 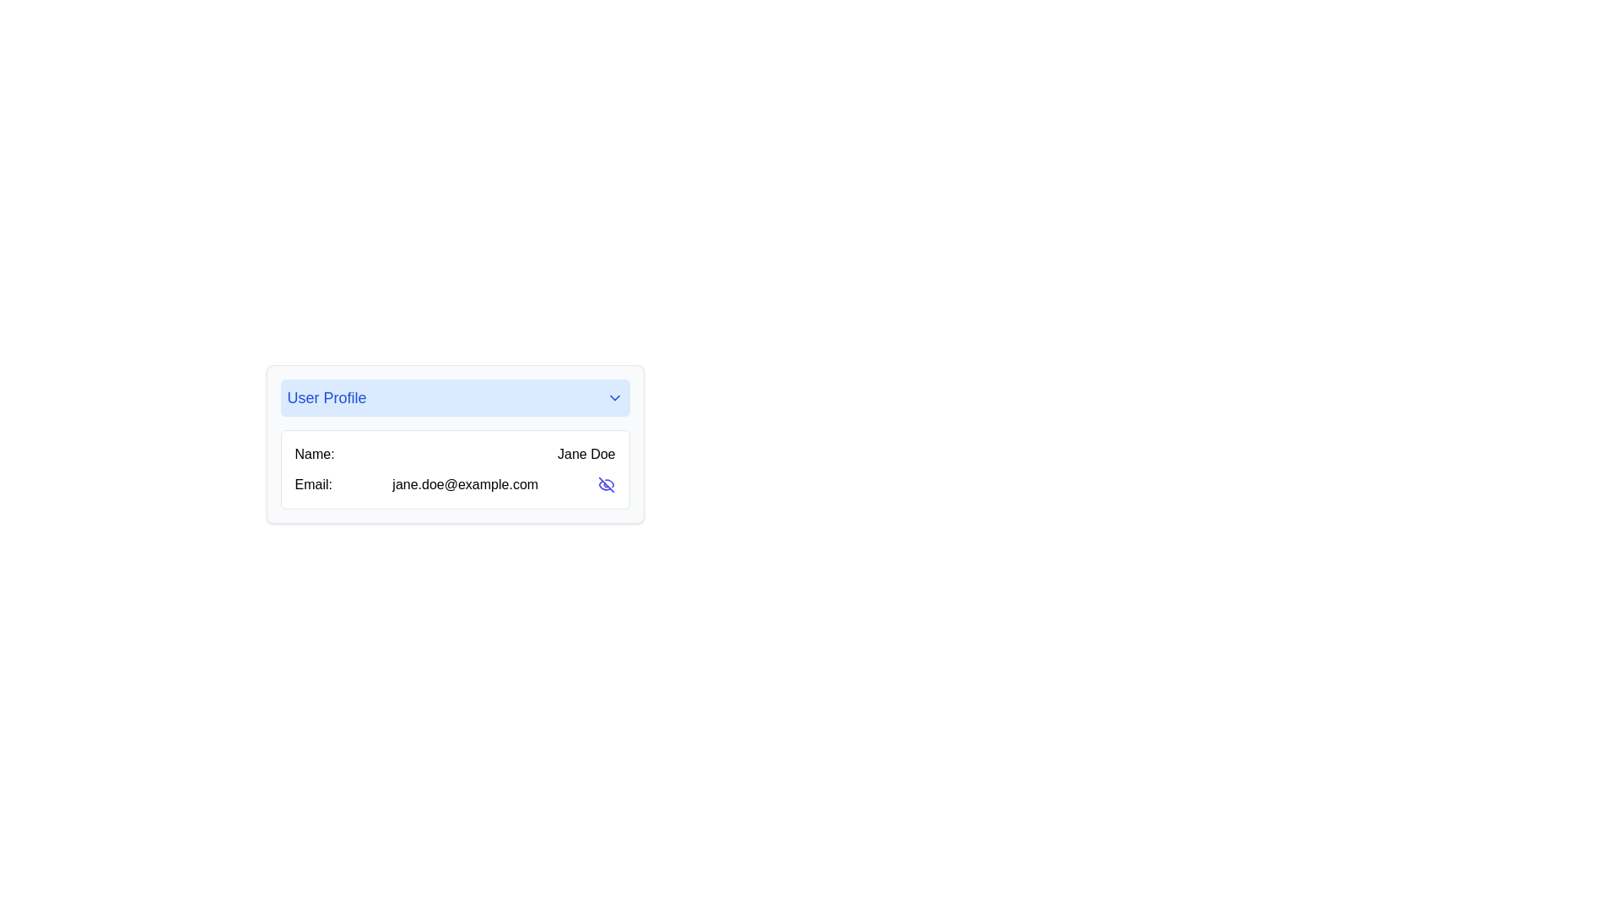 What do you see at coordinates (613, 397) in the screenshot?
I see `the downward-pointing chevron icon in the top-right corner of the 'User Profile' section` at bounding box center [613, 397].